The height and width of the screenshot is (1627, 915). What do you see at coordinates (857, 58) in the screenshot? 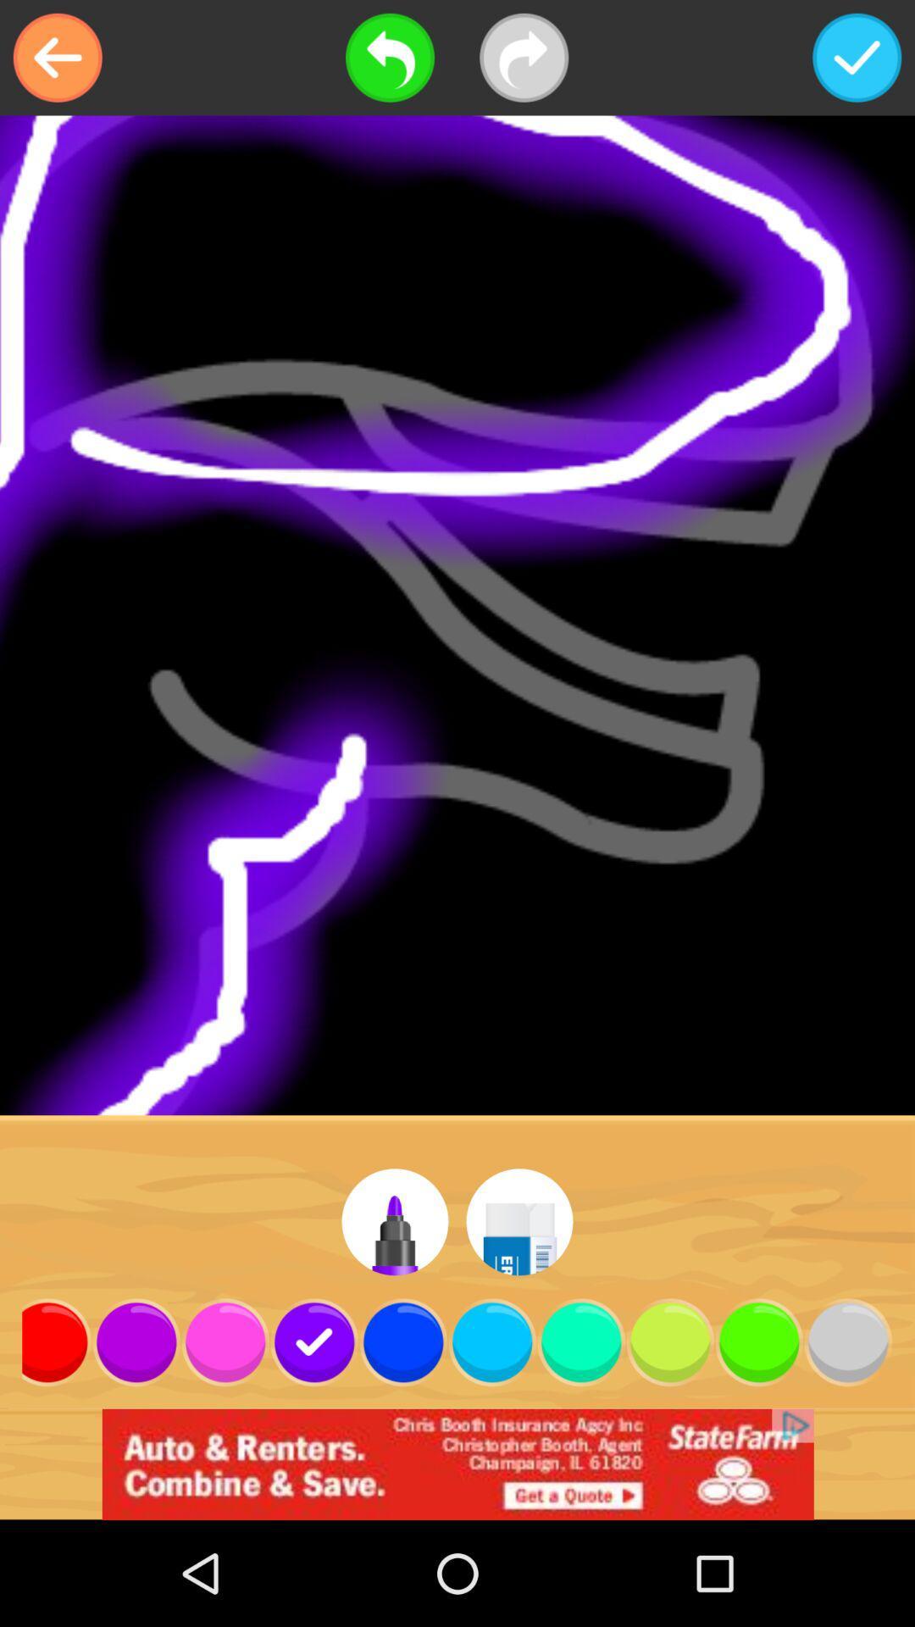
I see `finish drawing` at bounding box center [857, 58].